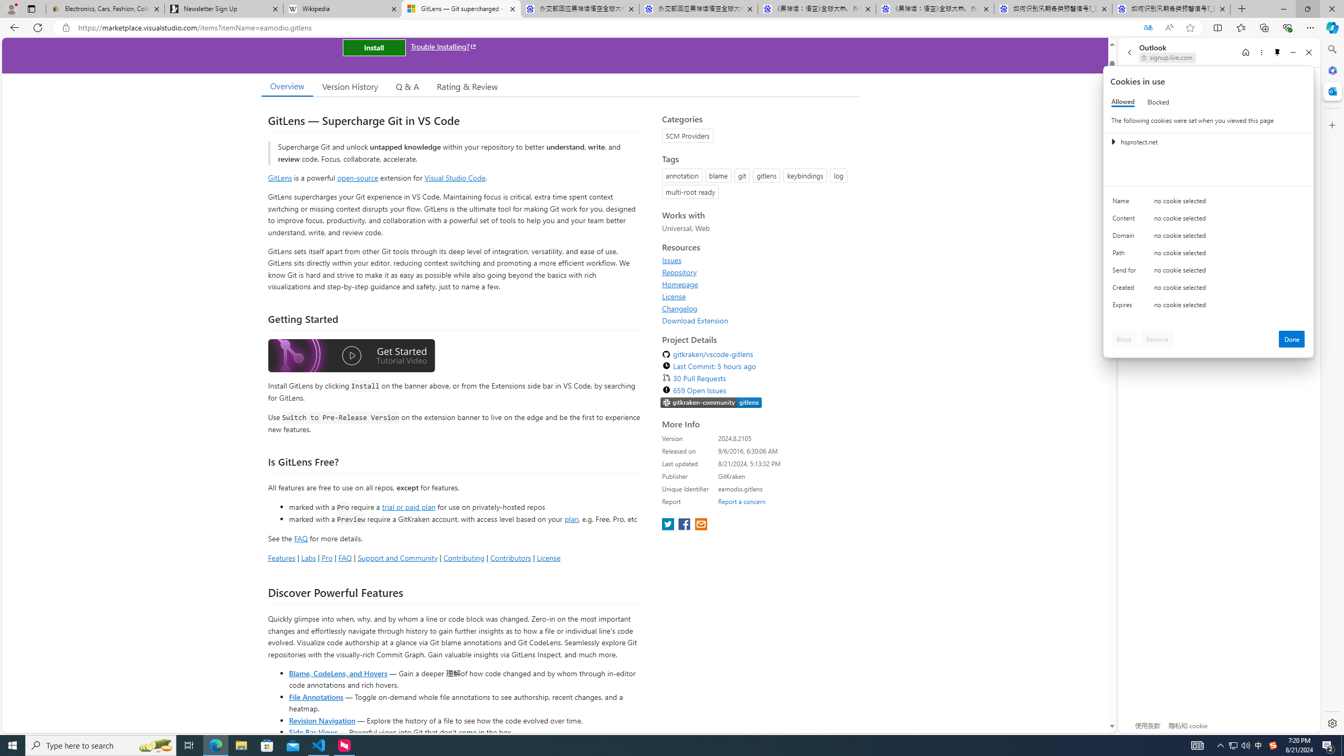 The height and width of the screenshot is (756, 1344). Describe the element at coordinates (1126, 220) in the screenshot. I see `'Content'` at that location.